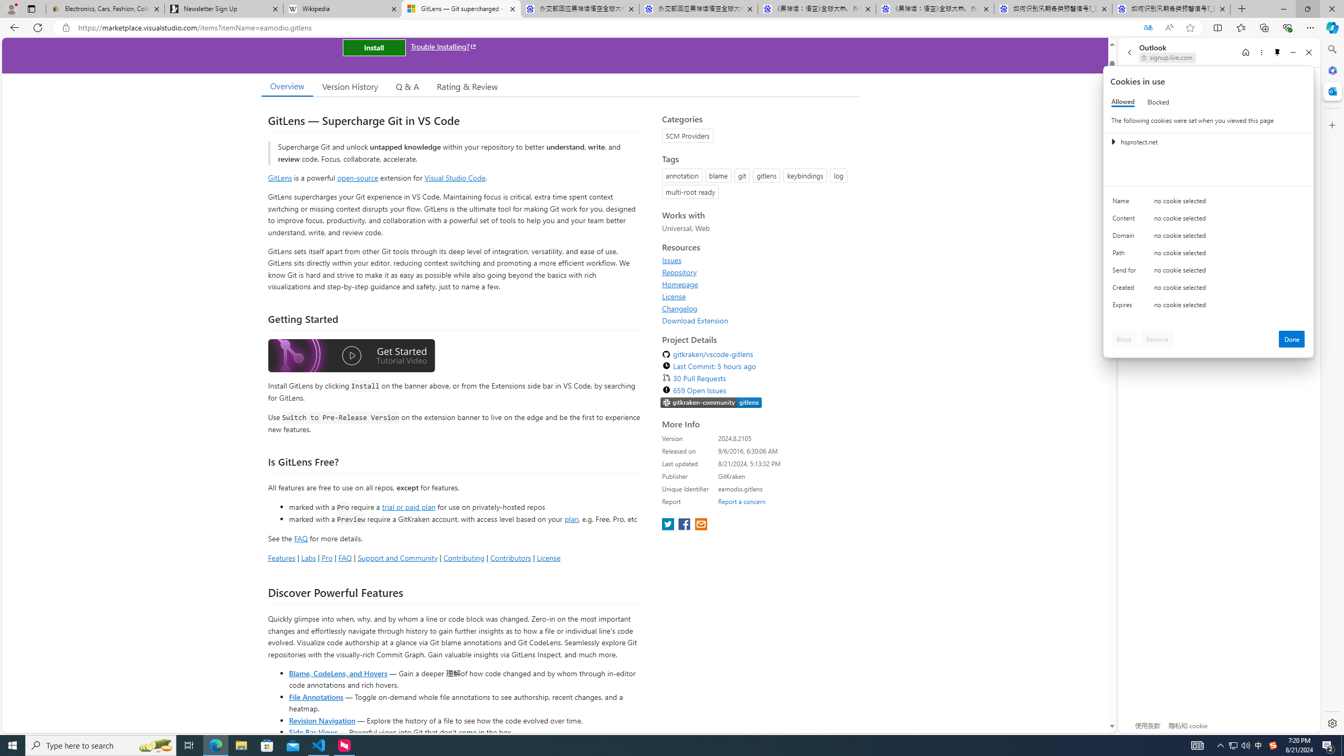 The height and width of the screenshot is (756, 1344). Describe the element at coordinates (1126, 220) in the screenshot. I see `'Content'` at that location.